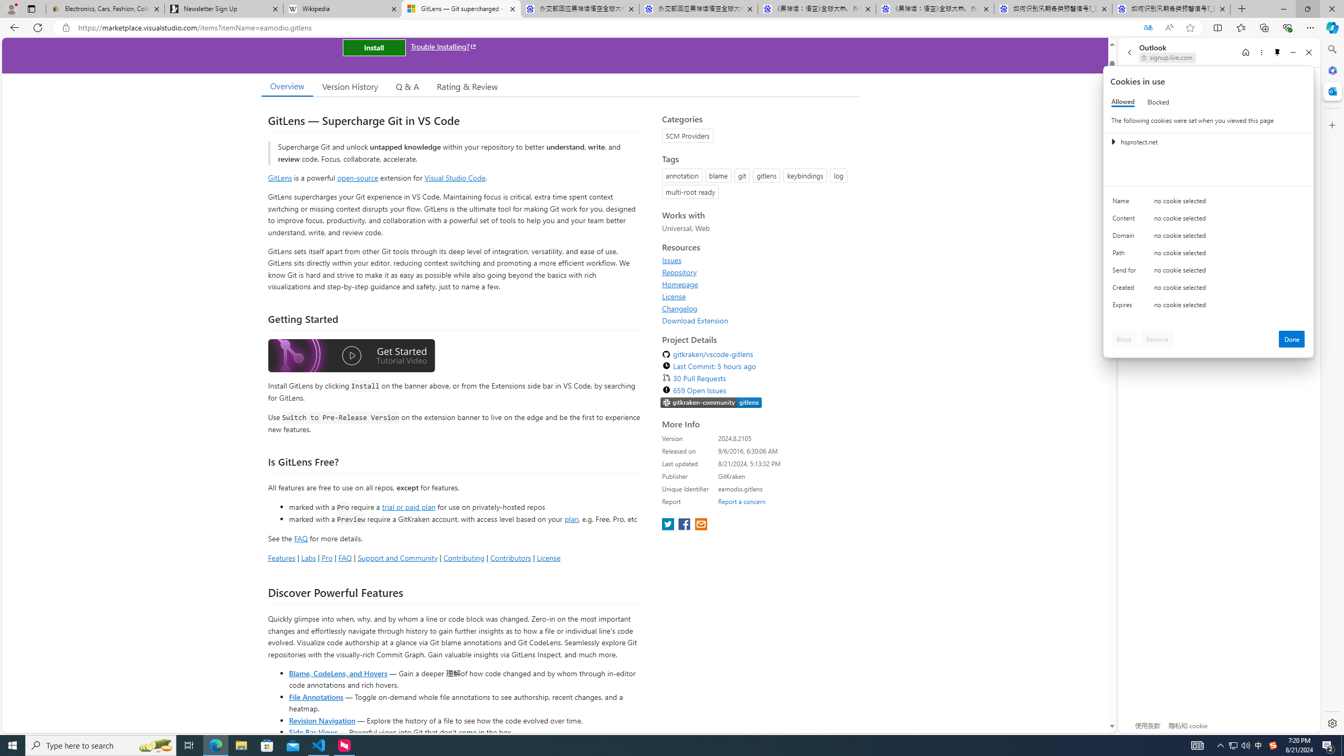 The height and width of the screenshot is (756, 1344). Describe the element at coordinates (1126, 220) in the screenshot. I see `'Content'` at that location.